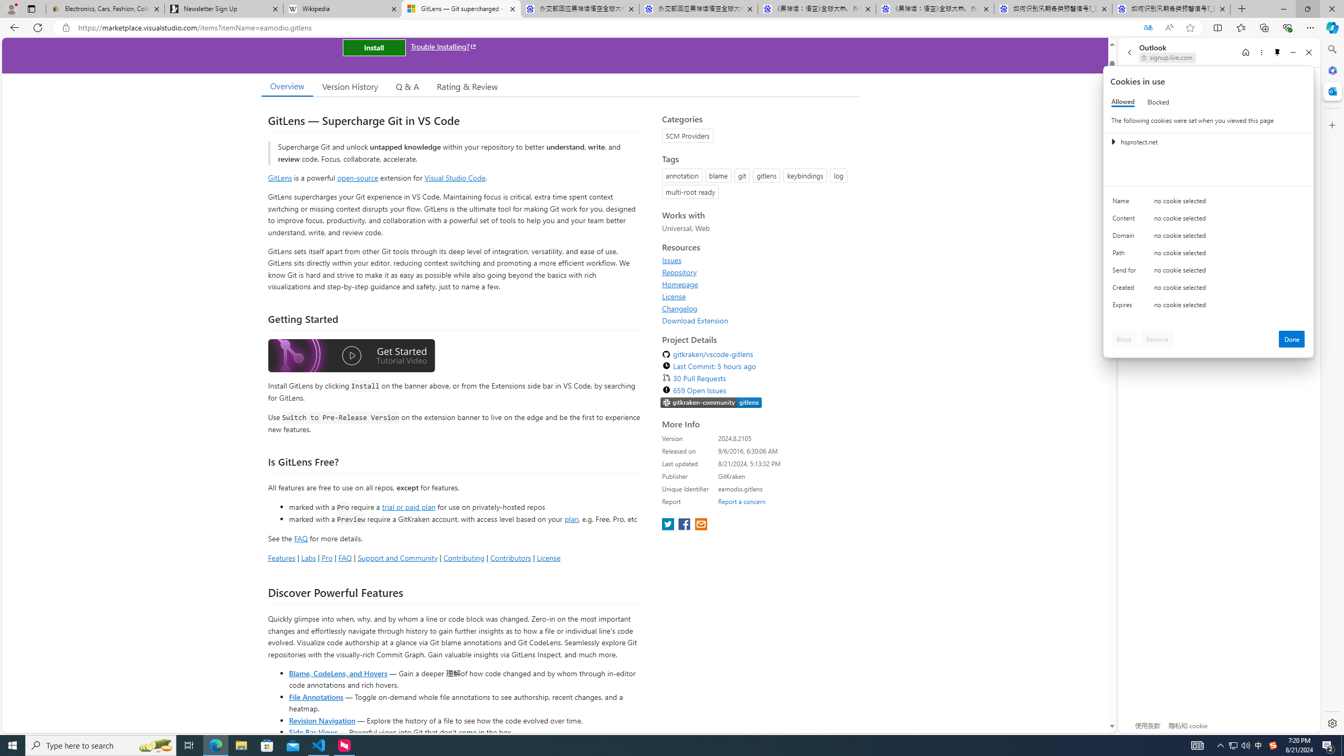 The height and width of the screenshot is (756, 1344). Describe the element at coordinates (1126, 220) in the screenshot. I see `'Content'` at that location.